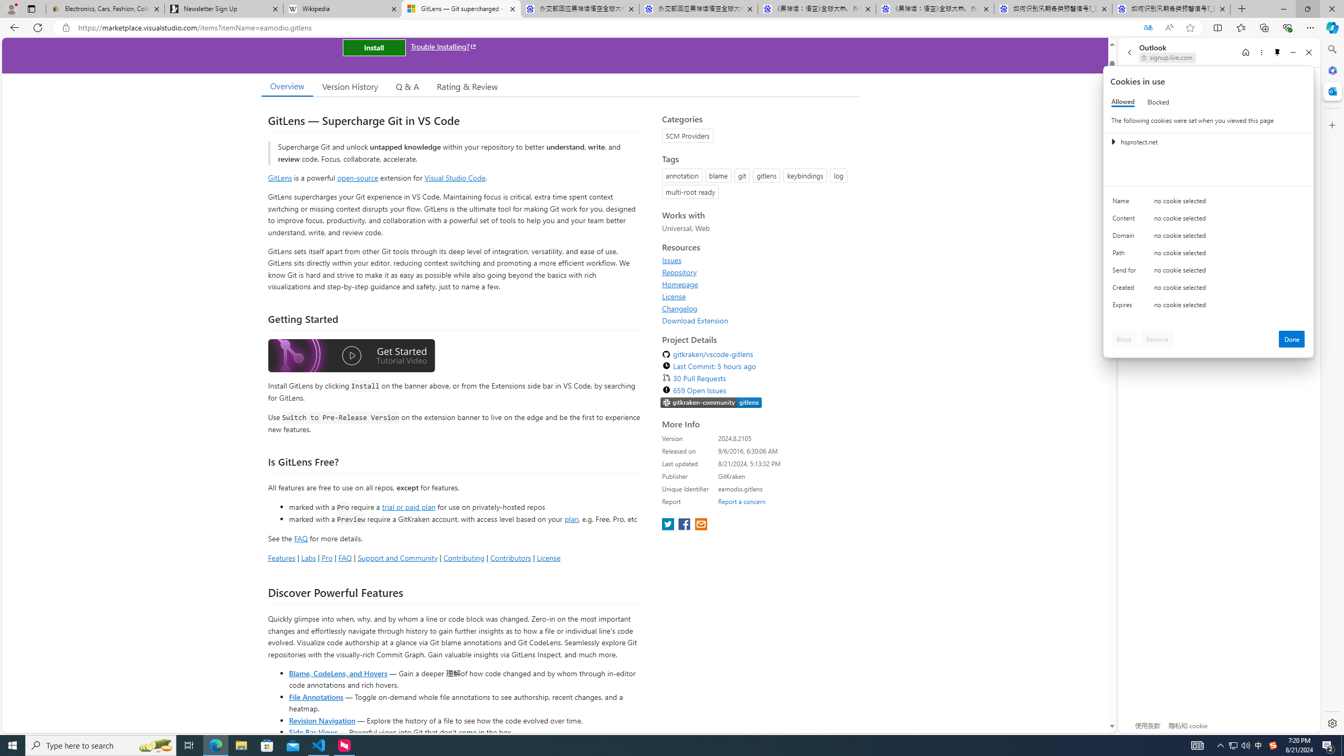 The height and width of the screenshot is (756, 1344). Describe the element at coordinates (1126, 220) in the screenshot. I see `'Content'` at that location.